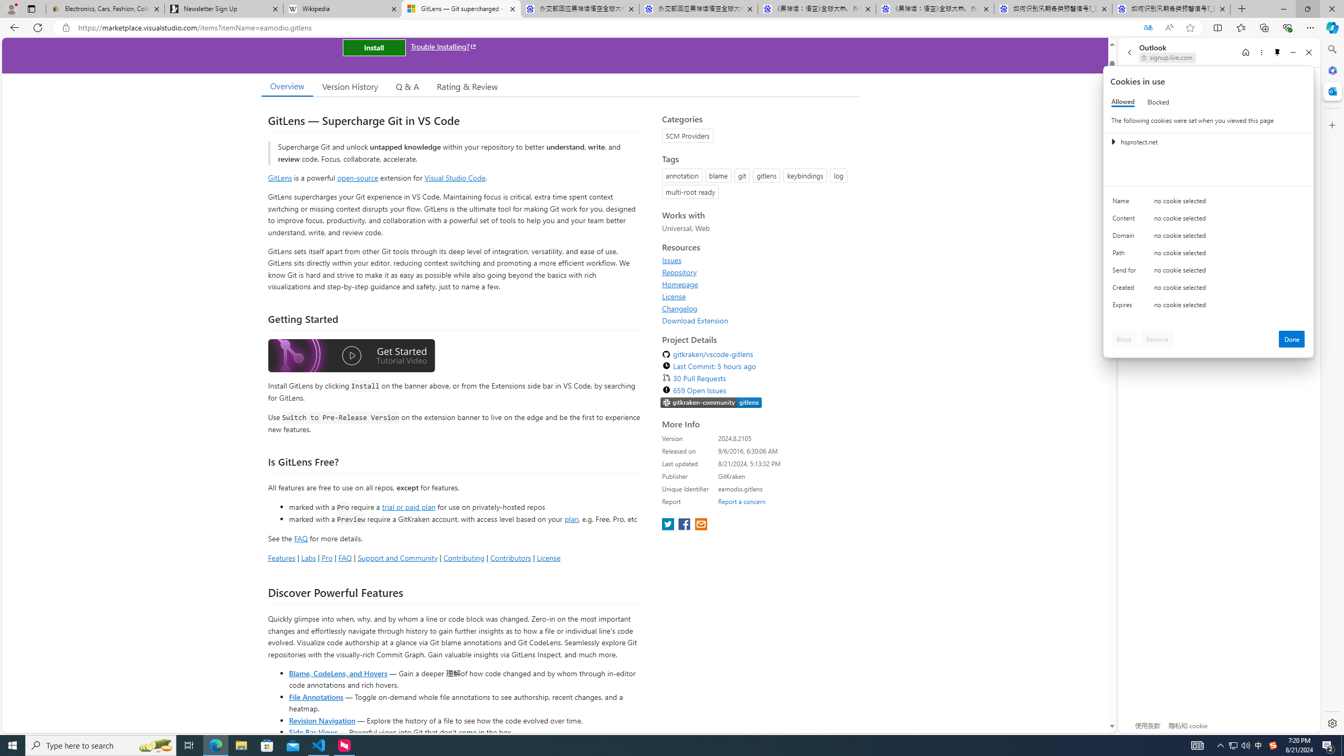 The height and width of the screenshot is (756, 1344). Describe the element at coordinates (1126, 220) in the screenshot. I see `'Content'` at that location.